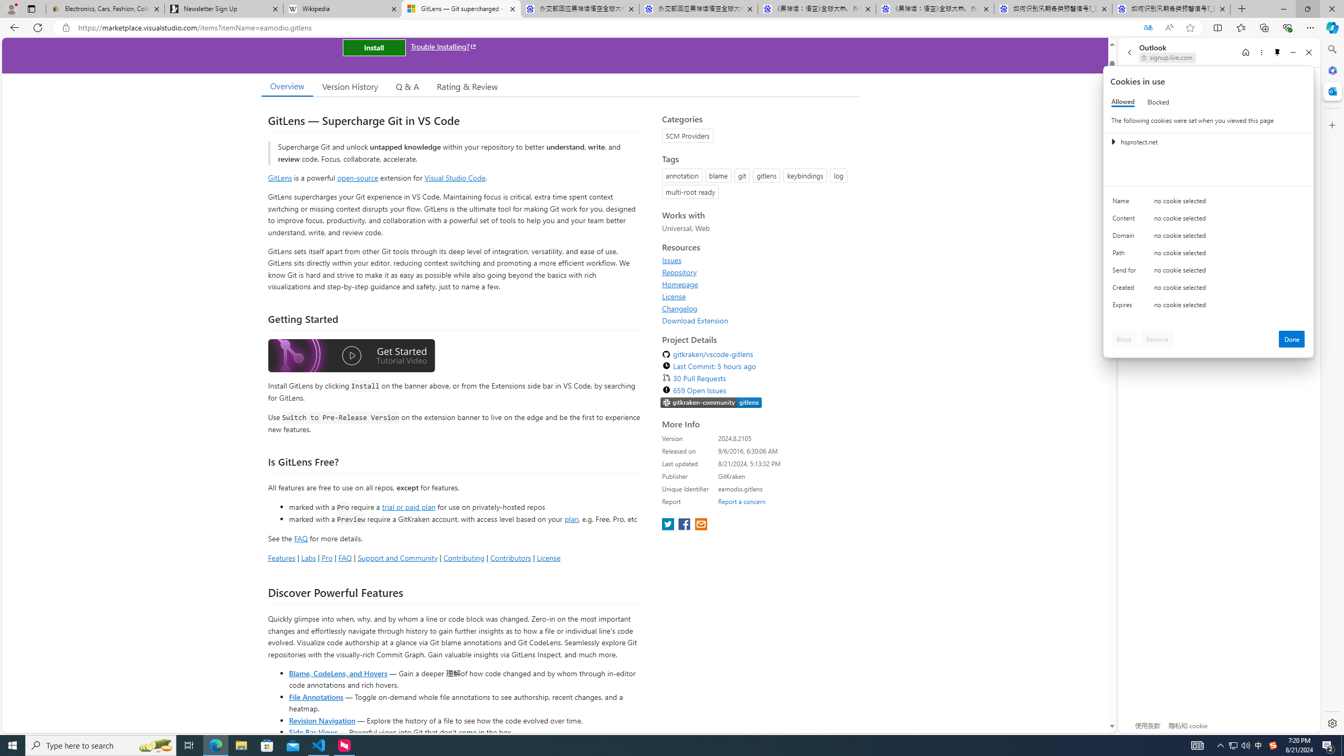 The height and width of the screenshot is (756, 1344). Describe the element at coordinates (1126, 220) in the screenshot. I see `'Content'` at that location.